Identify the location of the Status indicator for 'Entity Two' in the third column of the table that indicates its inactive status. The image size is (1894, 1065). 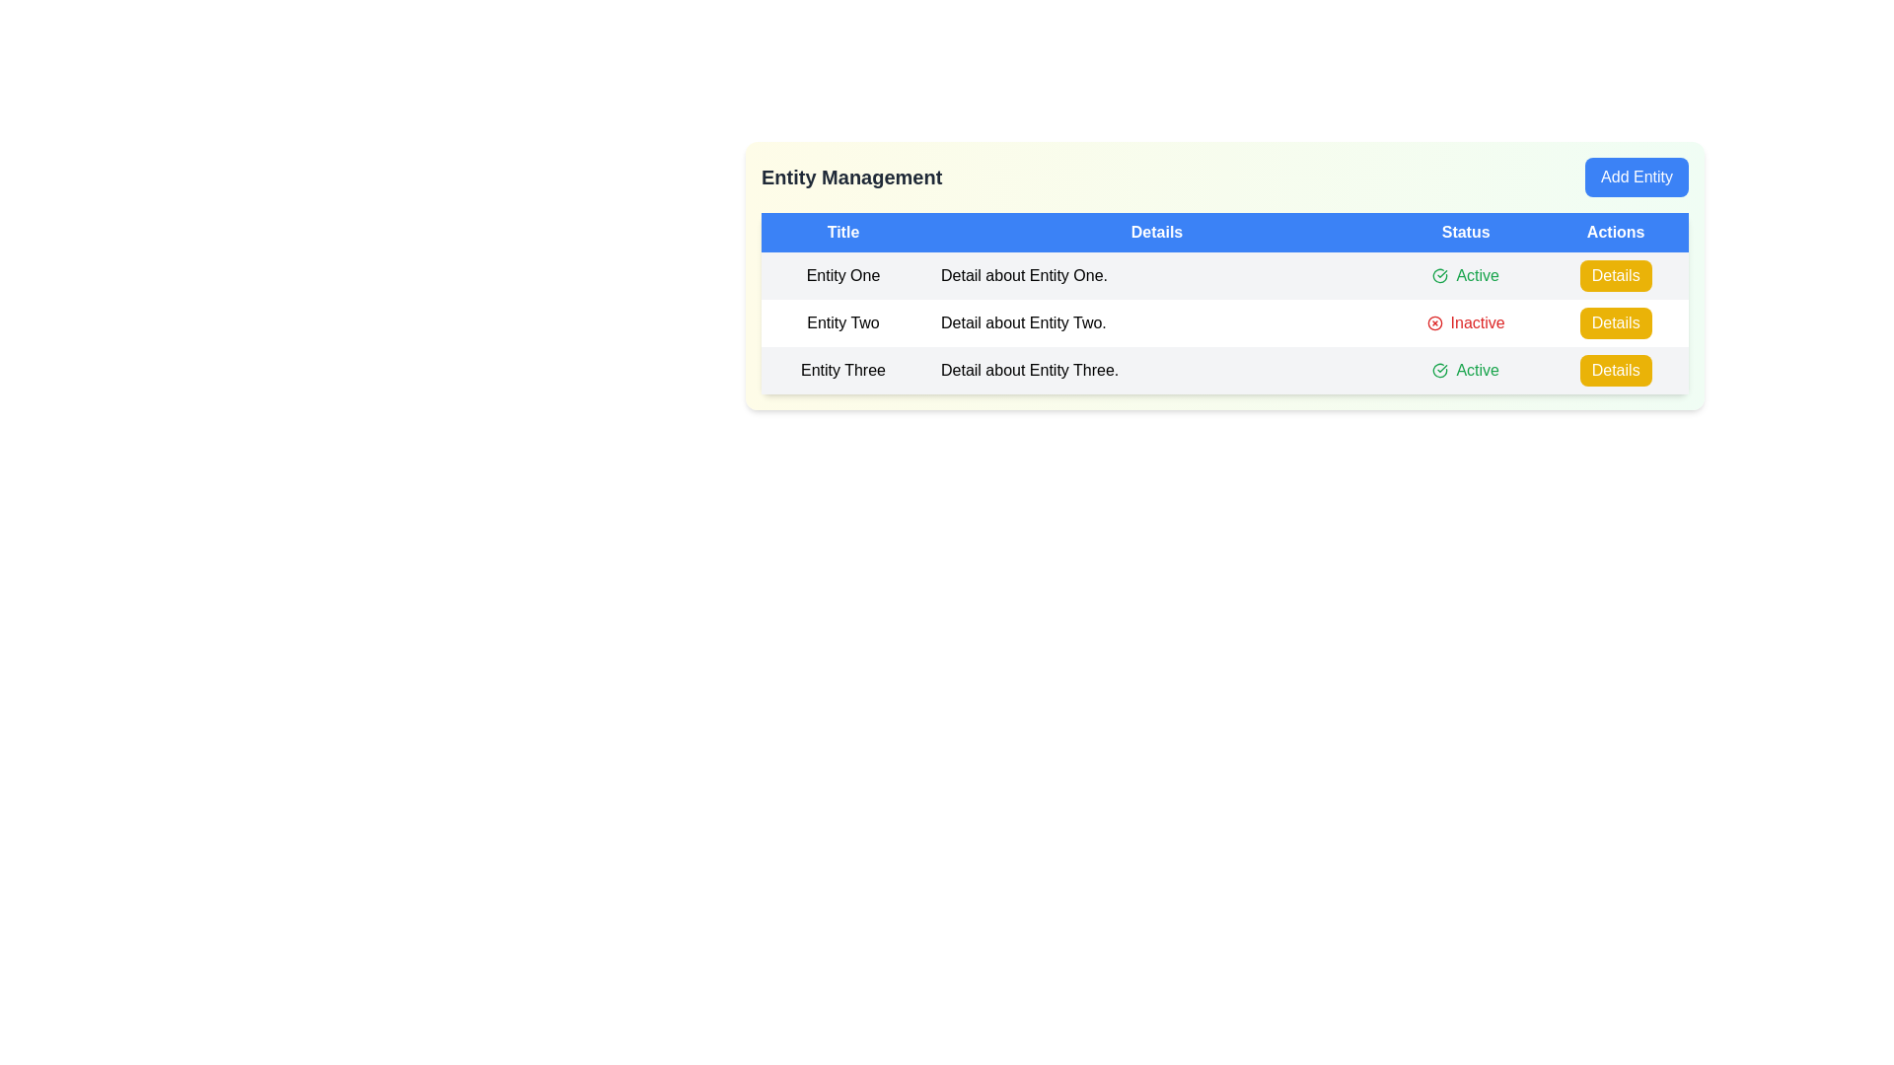
(1466, 321).